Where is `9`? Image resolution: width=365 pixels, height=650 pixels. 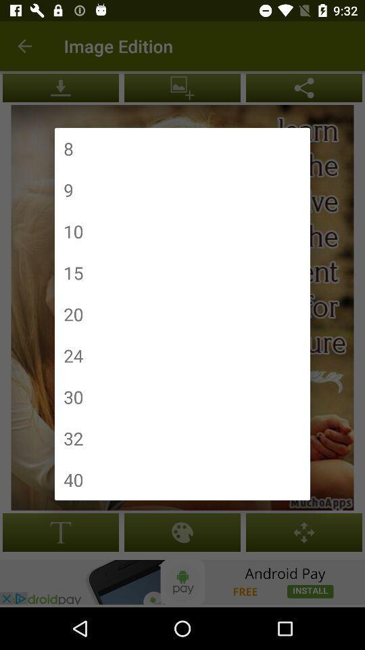 9 is located at coordinates (68, 189).